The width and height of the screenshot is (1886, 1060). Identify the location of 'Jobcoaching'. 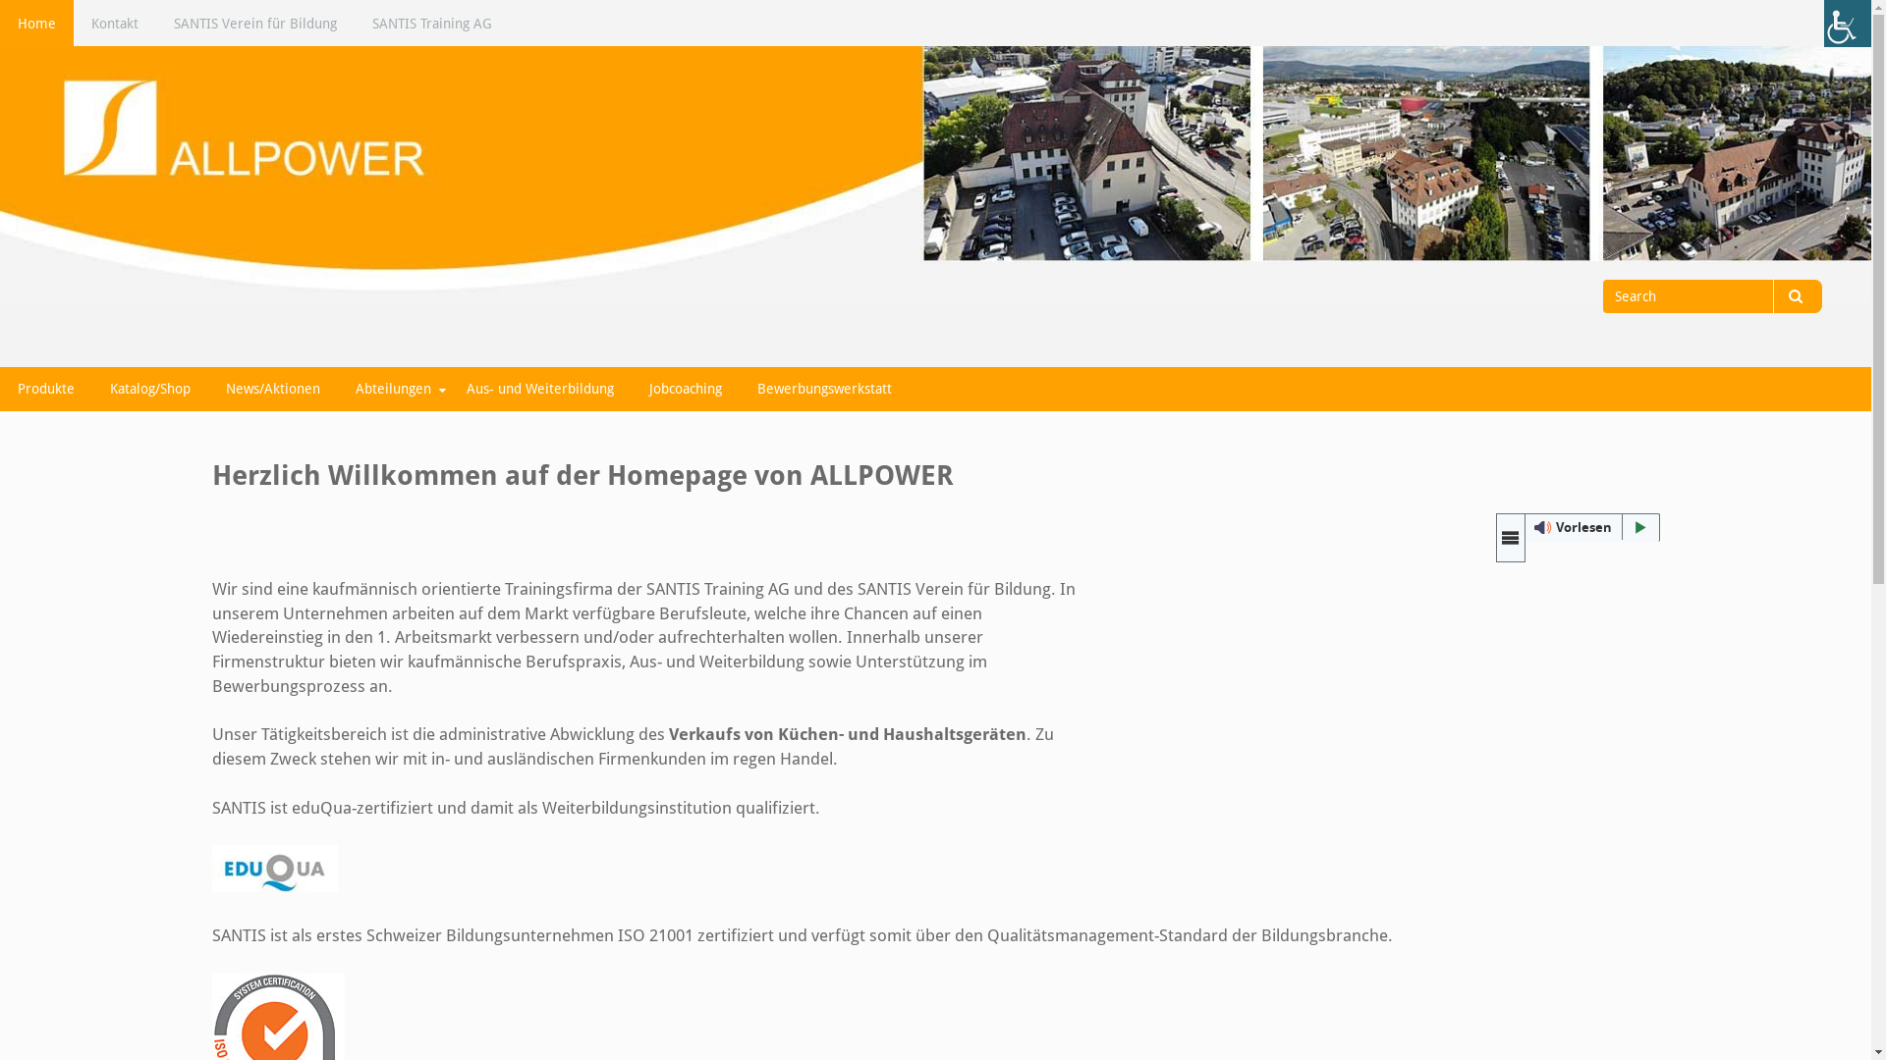
(685, 389).